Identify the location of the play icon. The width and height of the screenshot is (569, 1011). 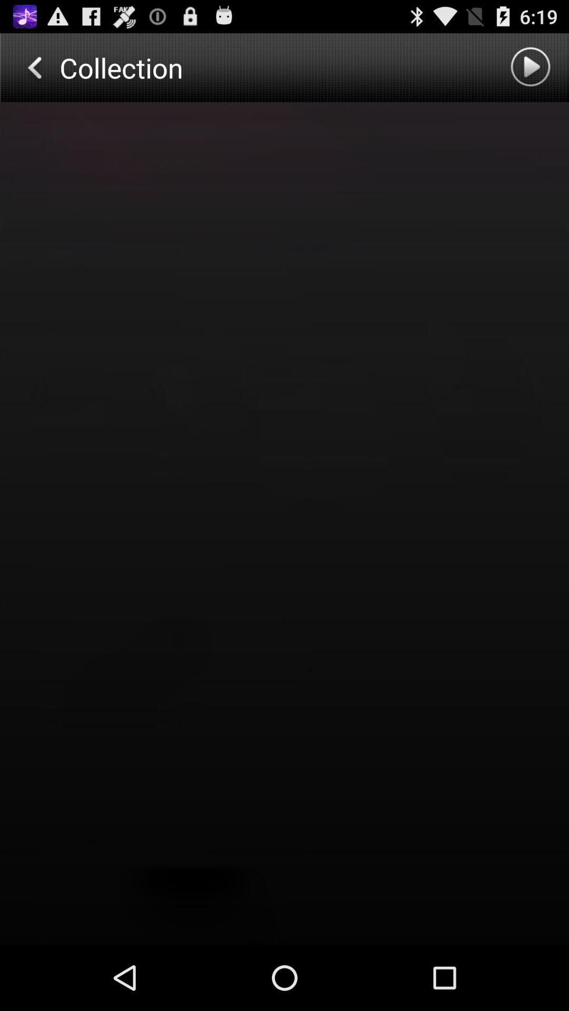
(532, 72).